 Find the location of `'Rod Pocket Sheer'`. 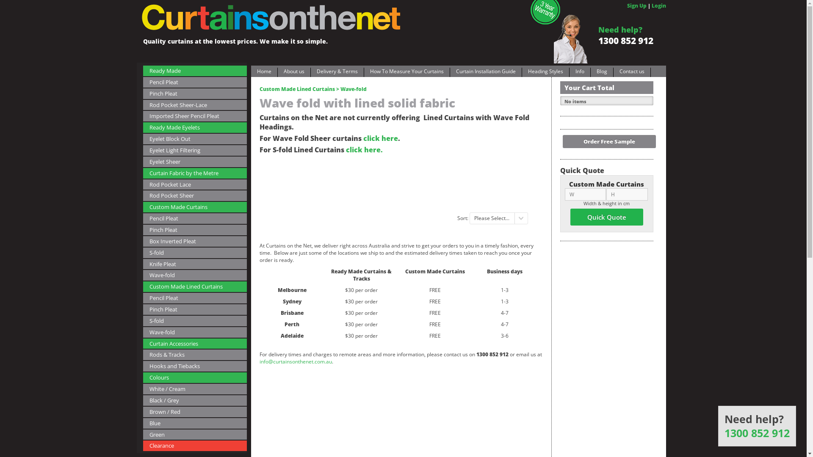

'Rod Pocket Sheer' is located at coordinates (194, 195).